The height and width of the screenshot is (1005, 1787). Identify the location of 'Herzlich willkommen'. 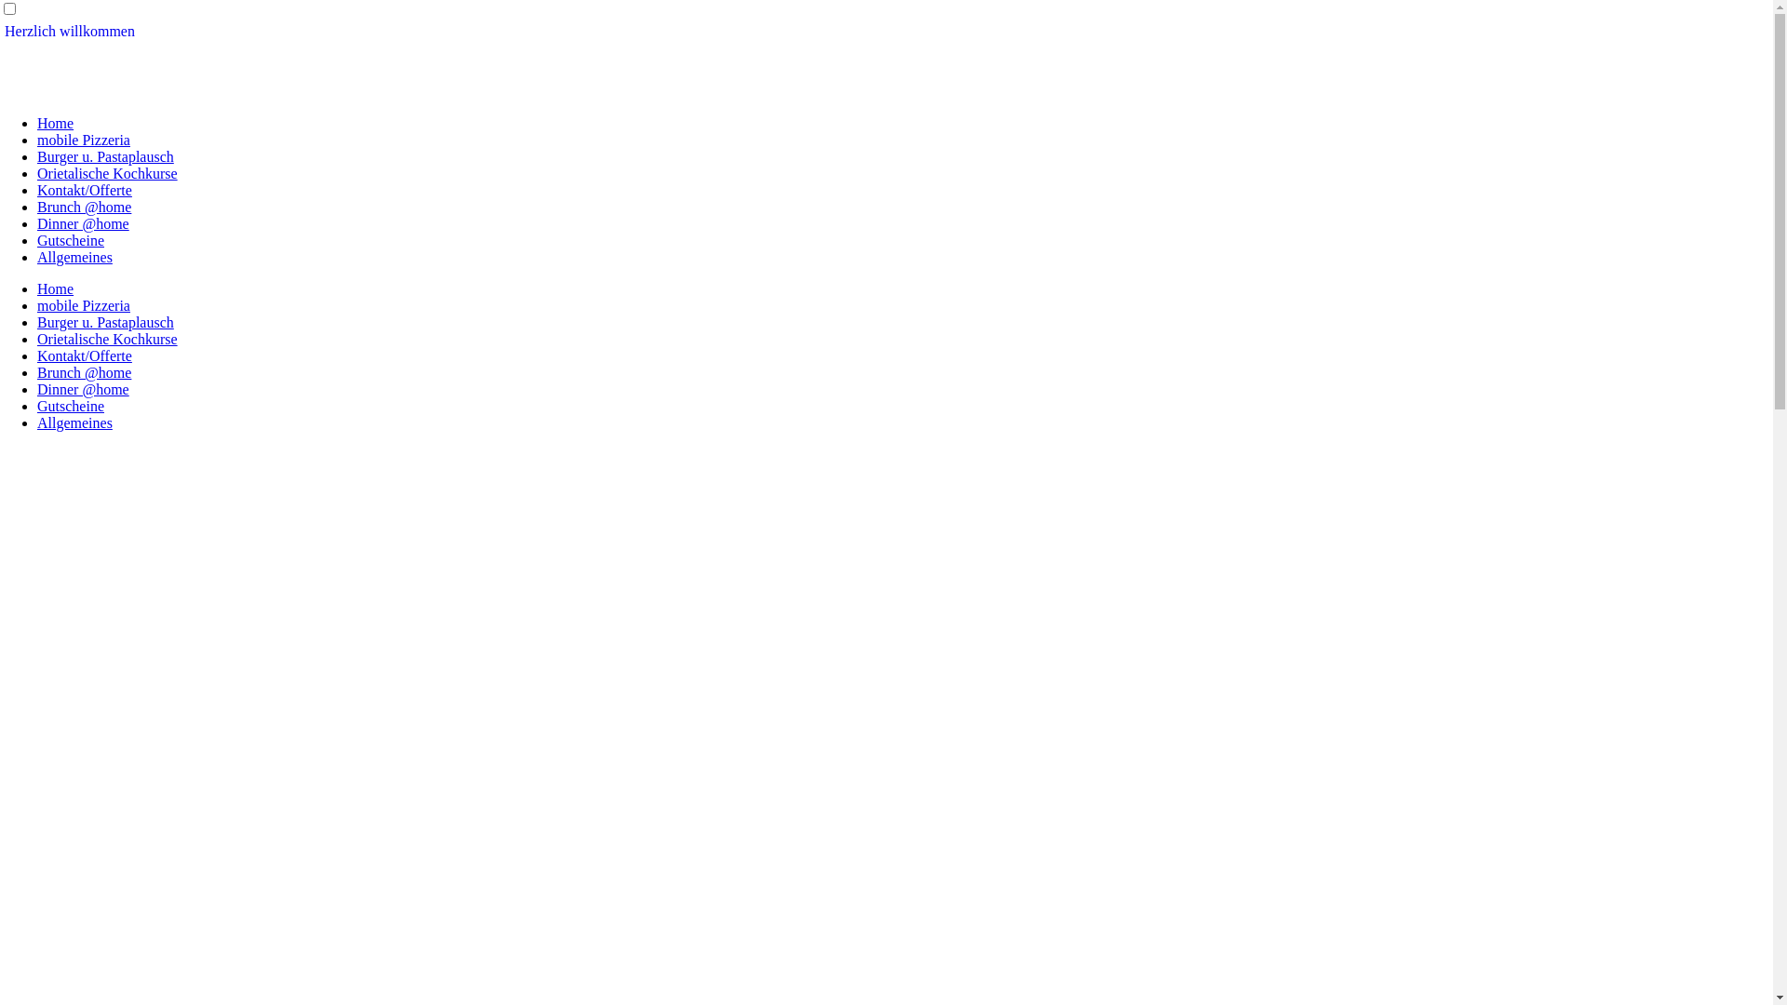
(70, 31).